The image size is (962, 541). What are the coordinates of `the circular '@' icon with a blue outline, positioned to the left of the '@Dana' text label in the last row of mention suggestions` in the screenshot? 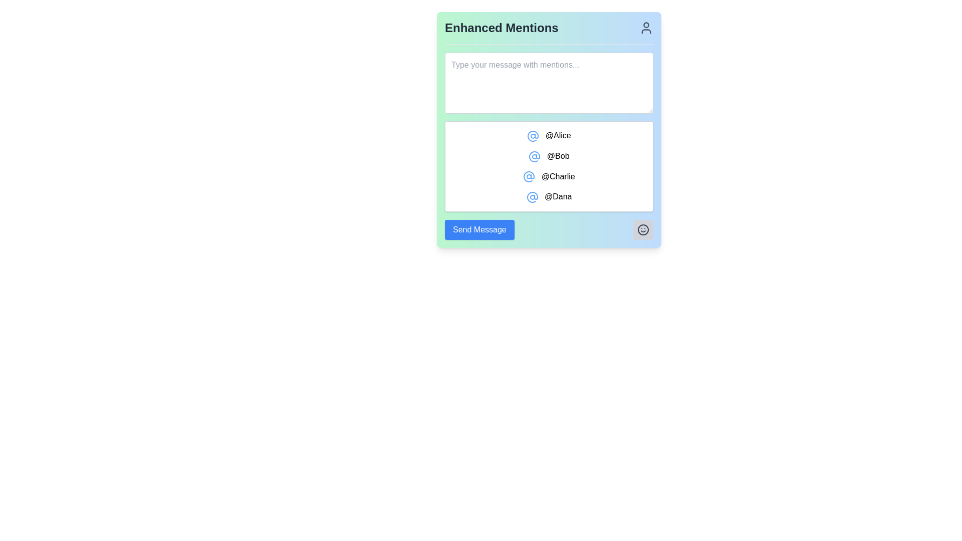 It's located at (532, 197).